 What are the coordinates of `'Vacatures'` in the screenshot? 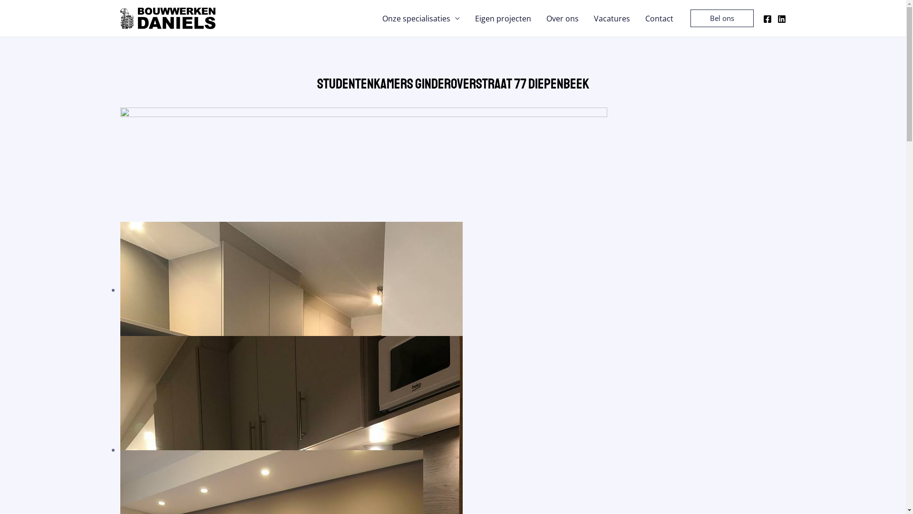 It's located at (612, 18).